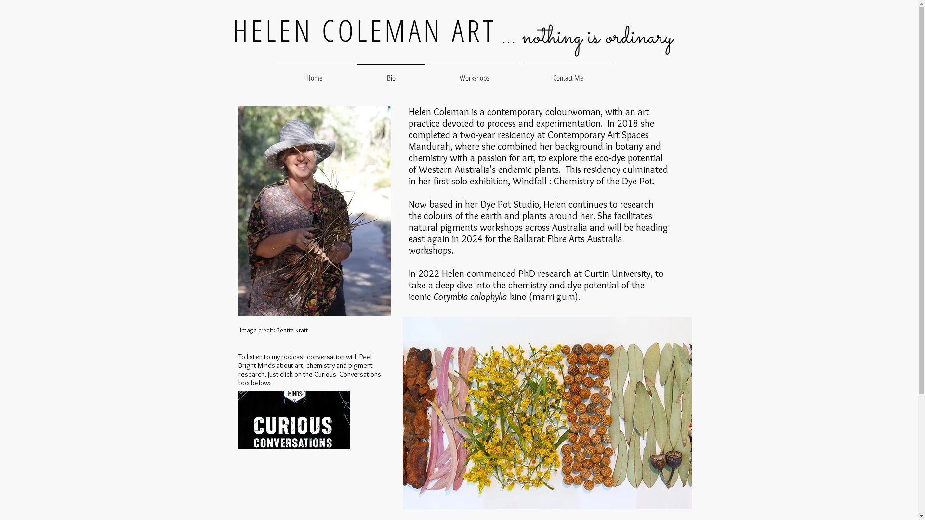  What do you see at coordinates (474, 73) in the screenshot?
I see `'Workshops'` at bounding box center [474, 73].